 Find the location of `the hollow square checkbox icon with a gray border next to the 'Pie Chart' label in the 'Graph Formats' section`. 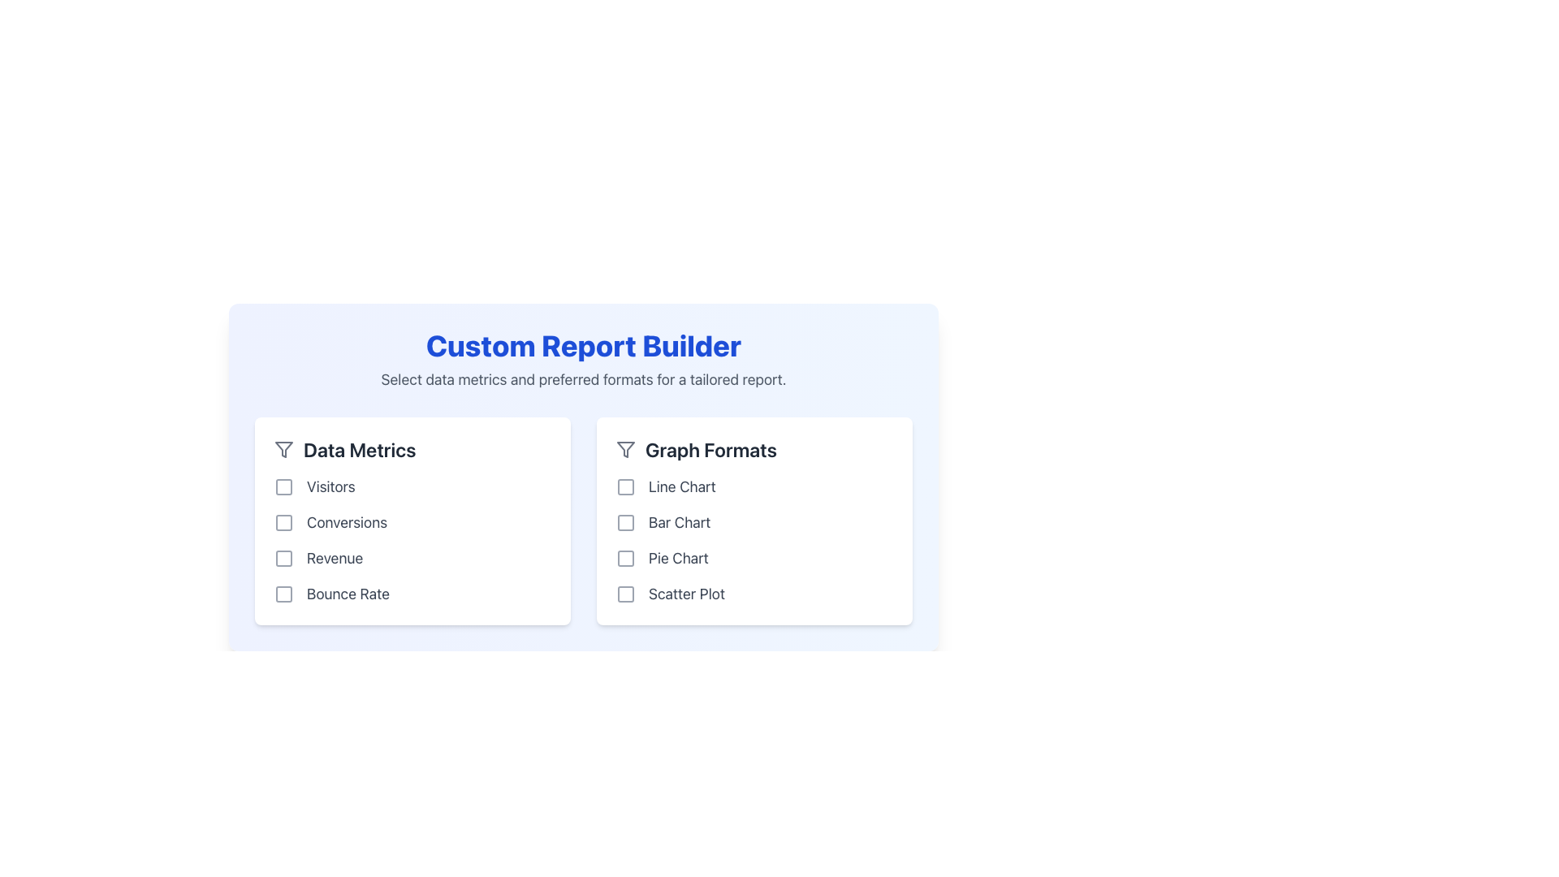

the hollow square checkbox icon with a gray border next to the 'Pie Chart' label in the 'Graph Formats' section is located at coordinates (625, 557).